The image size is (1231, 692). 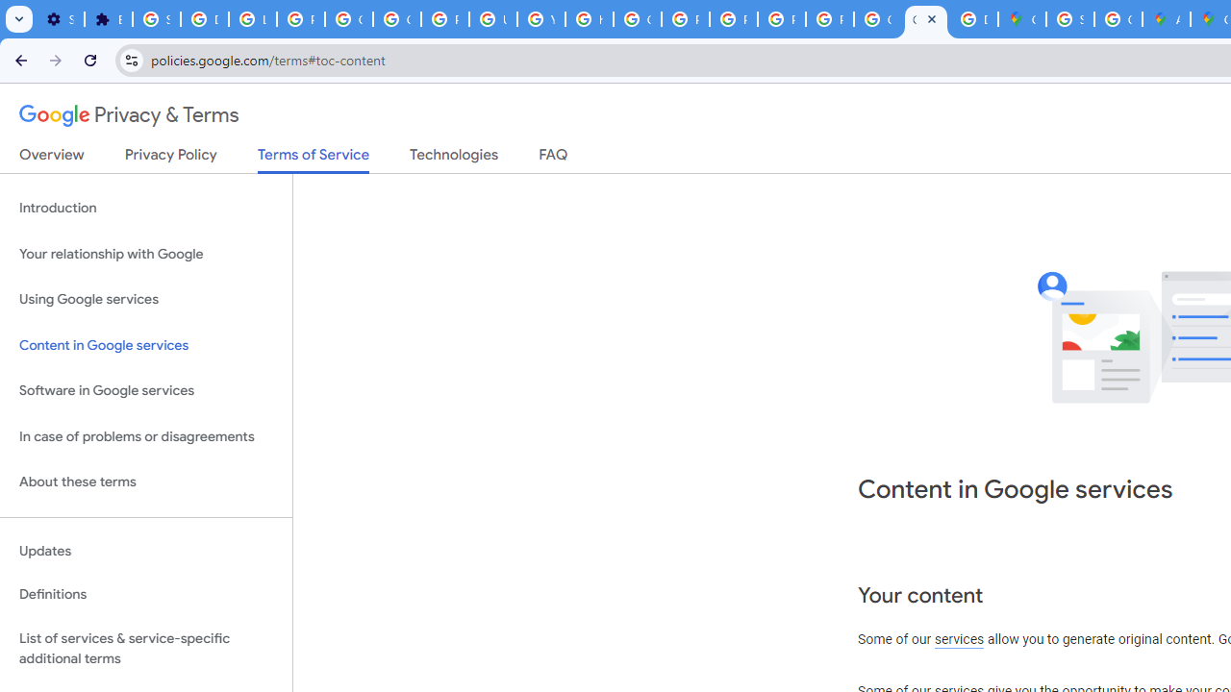 I want to click on 'Definitions', so click(x=145, y=594).